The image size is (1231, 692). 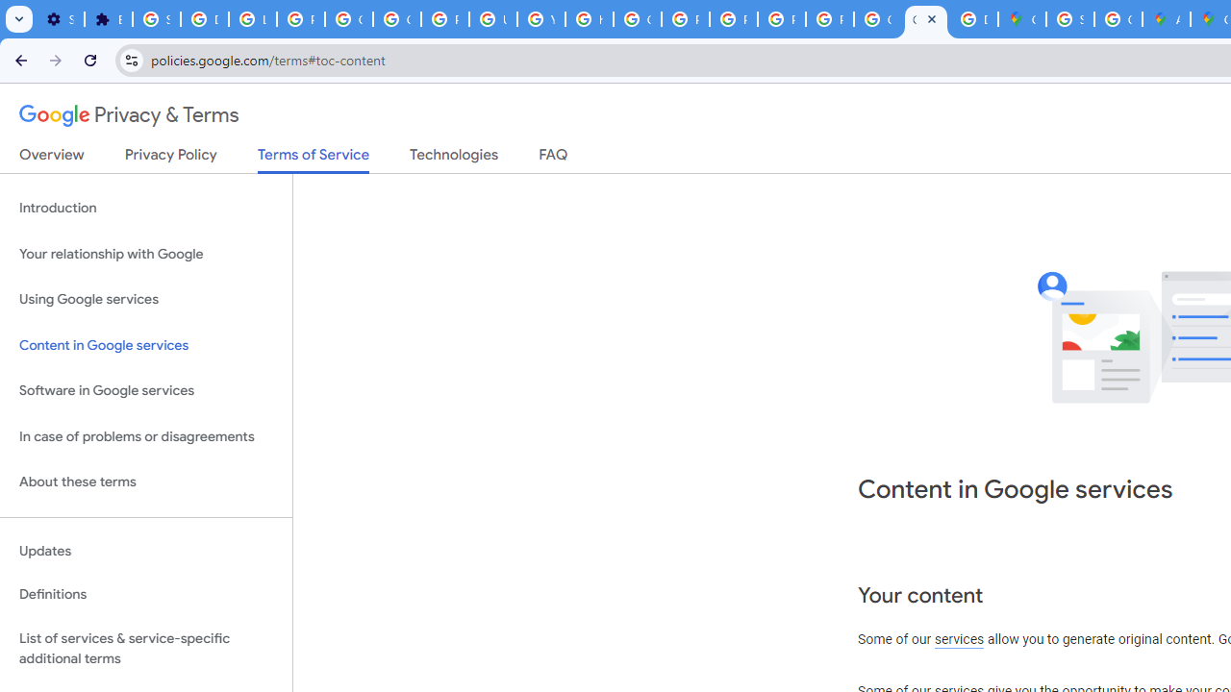 I want to click on 'Definitions', so click(x=145, y=594).